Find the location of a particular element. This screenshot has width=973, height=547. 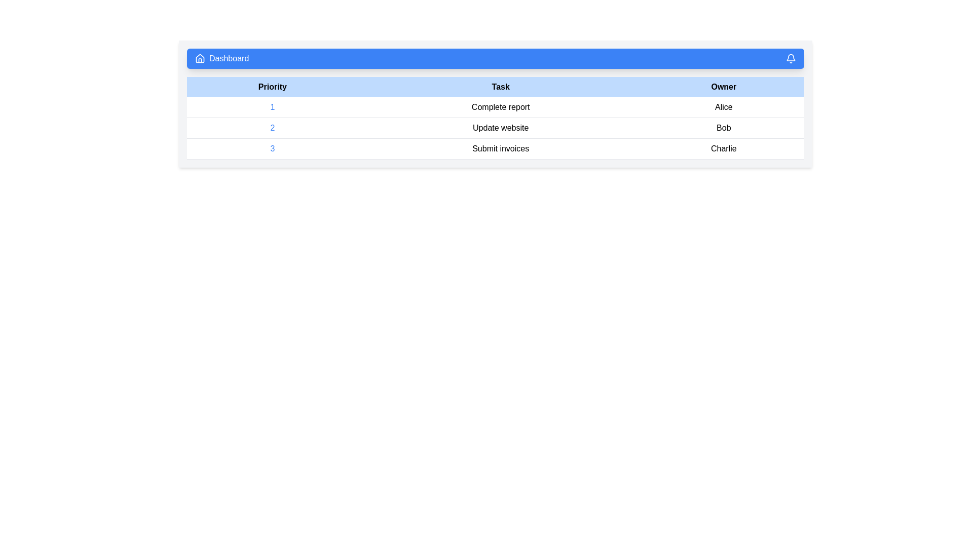

the Text Label indicating the priority level in the second row, first column of the priority-task-owner table is located at coordinates (272, 128).